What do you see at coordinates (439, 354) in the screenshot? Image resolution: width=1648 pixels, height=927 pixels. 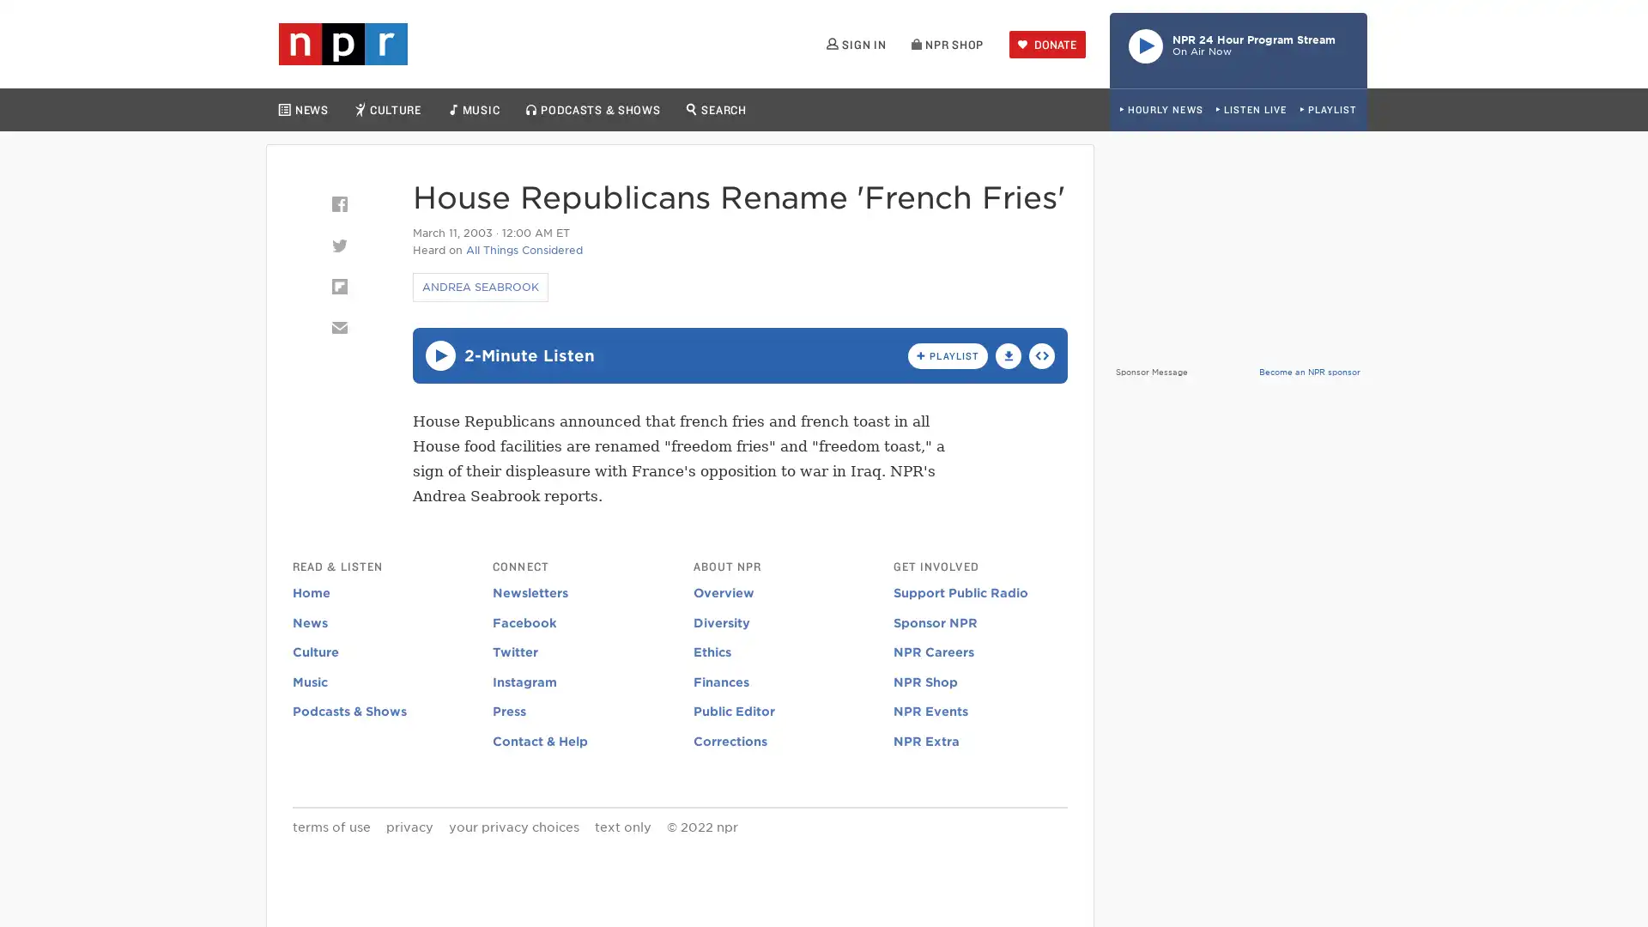 I see `LISTEN 2:38` at bounding box center [439, 354].